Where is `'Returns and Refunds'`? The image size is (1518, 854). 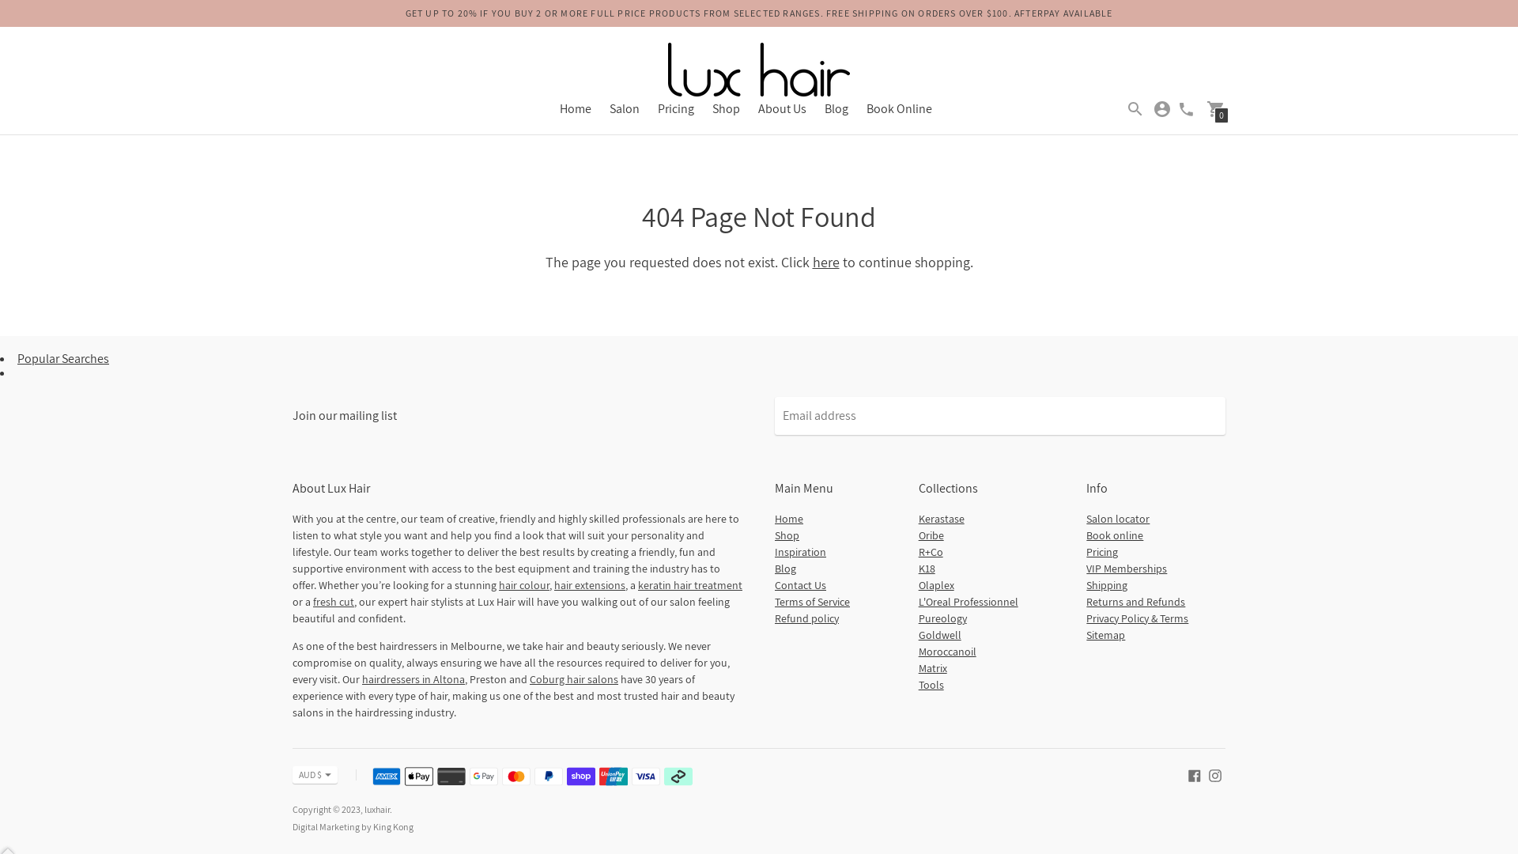
'Returns and Refunds' is located at coordinates (1135, 601).